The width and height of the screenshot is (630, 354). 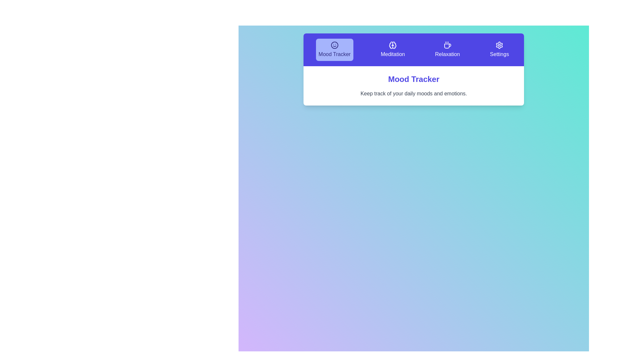 I want to click on the Meditation button in the horizontal menu bar to trigger visual effects, so click(x=393, y=49).